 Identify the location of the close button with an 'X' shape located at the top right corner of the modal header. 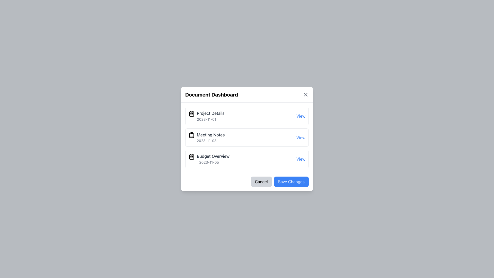
(306, 94).